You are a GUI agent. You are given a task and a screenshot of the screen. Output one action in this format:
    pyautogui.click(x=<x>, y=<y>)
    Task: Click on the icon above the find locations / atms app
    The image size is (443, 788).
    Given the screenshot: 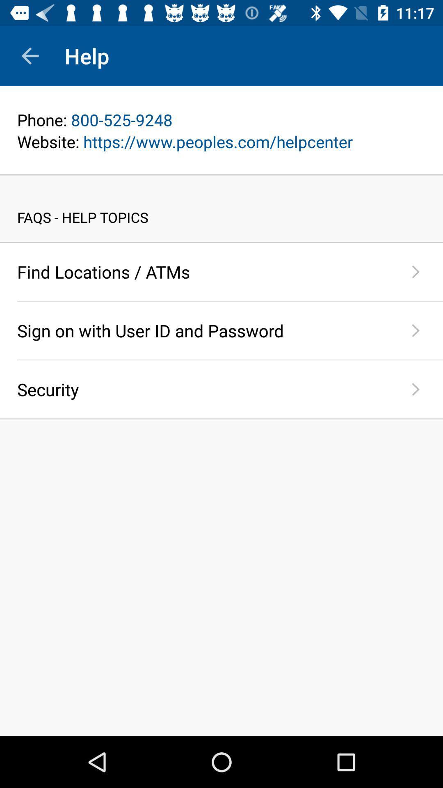 What is the action you would take?
    pyautogui.click(x=221, y=242)
    